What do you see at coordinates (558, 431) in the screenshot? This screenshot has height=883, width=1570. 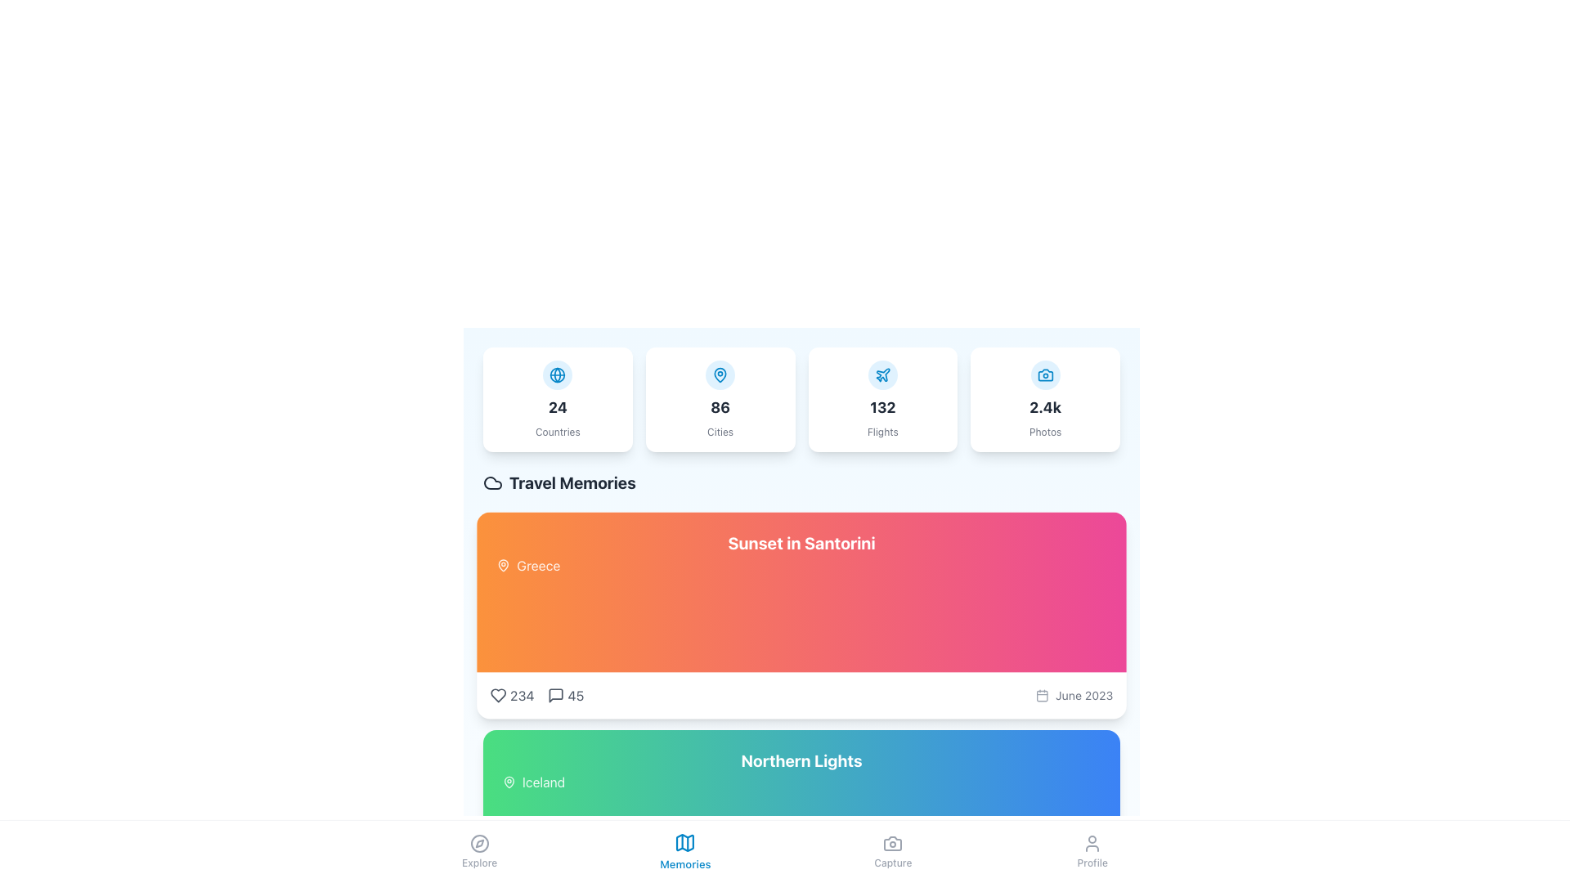 I see `text label that clarifies the number '24' as the count of countries, located in the first column of horizontally arranged cards, positioned at the lower section of the card beneath the number` at bounding box center [558, 431].